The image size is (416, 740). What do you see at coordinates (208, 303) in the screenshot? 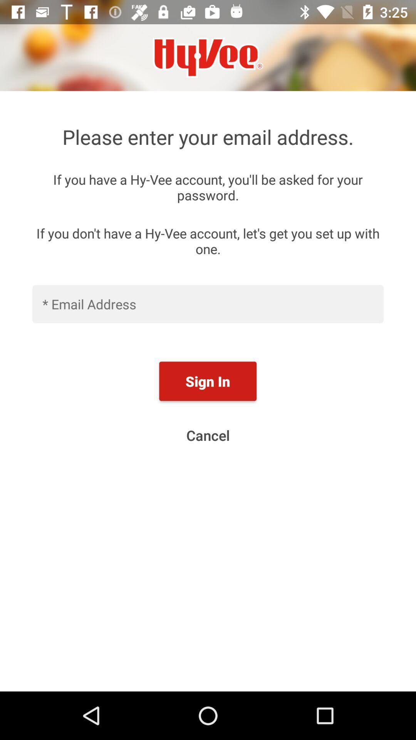
I see `email adress` at bounding box center [208, 303].